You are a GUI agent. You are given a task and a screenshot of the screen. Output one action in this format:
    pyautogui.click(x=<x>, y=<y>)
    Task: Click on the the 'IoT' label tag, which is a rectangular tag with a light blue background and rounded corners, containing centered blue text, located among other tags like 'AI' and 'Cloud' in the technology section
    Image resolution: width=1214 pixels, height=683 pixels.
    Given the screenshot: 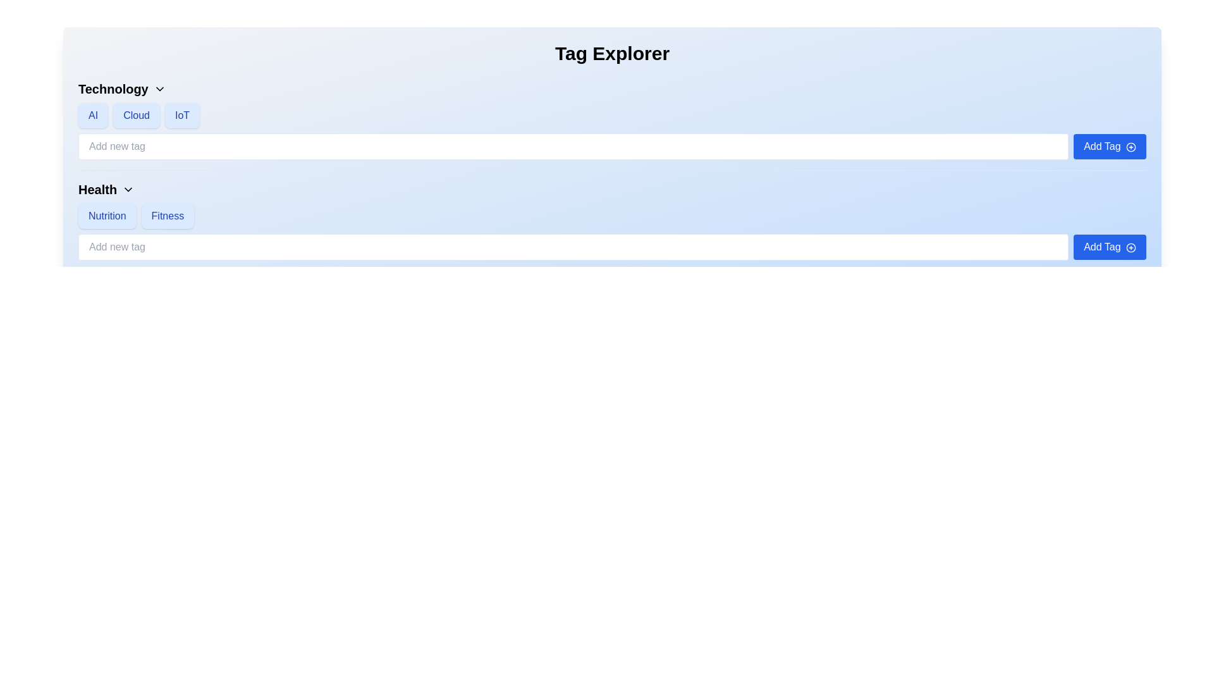 What is the action you would take?
    pyautogui.click(x=181, y=115)
    